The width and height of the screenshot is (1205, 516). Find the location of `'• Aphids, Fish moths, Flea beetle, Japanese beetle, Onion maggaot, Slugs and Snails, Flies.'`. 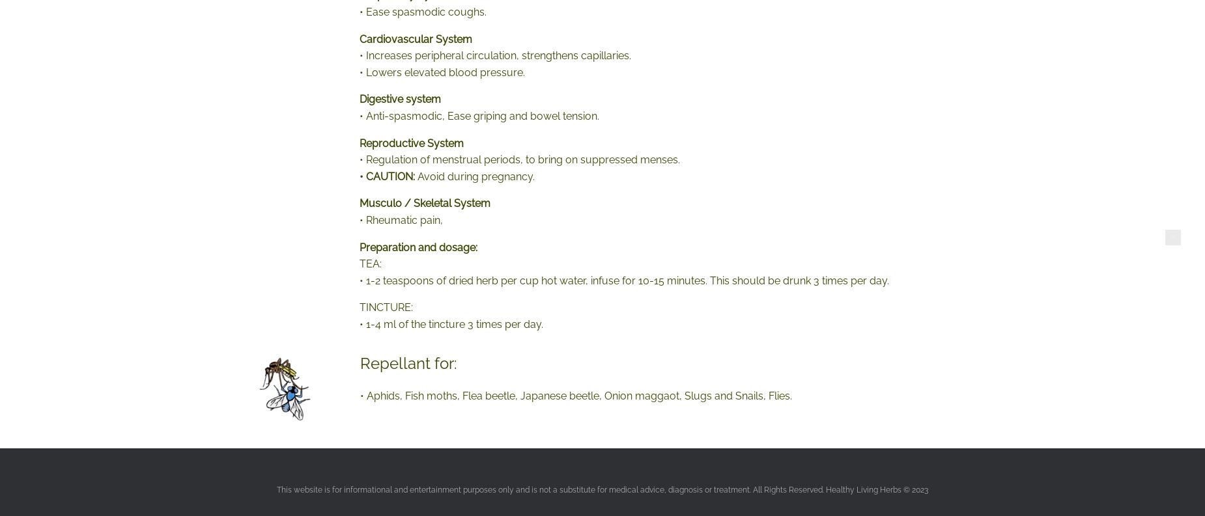

'• Aphids, Fish moths, Flea beetle, Japanese beetle, Onion maggaot, Slugs and Snails, Flies.' is located at coordinates (576, 396).